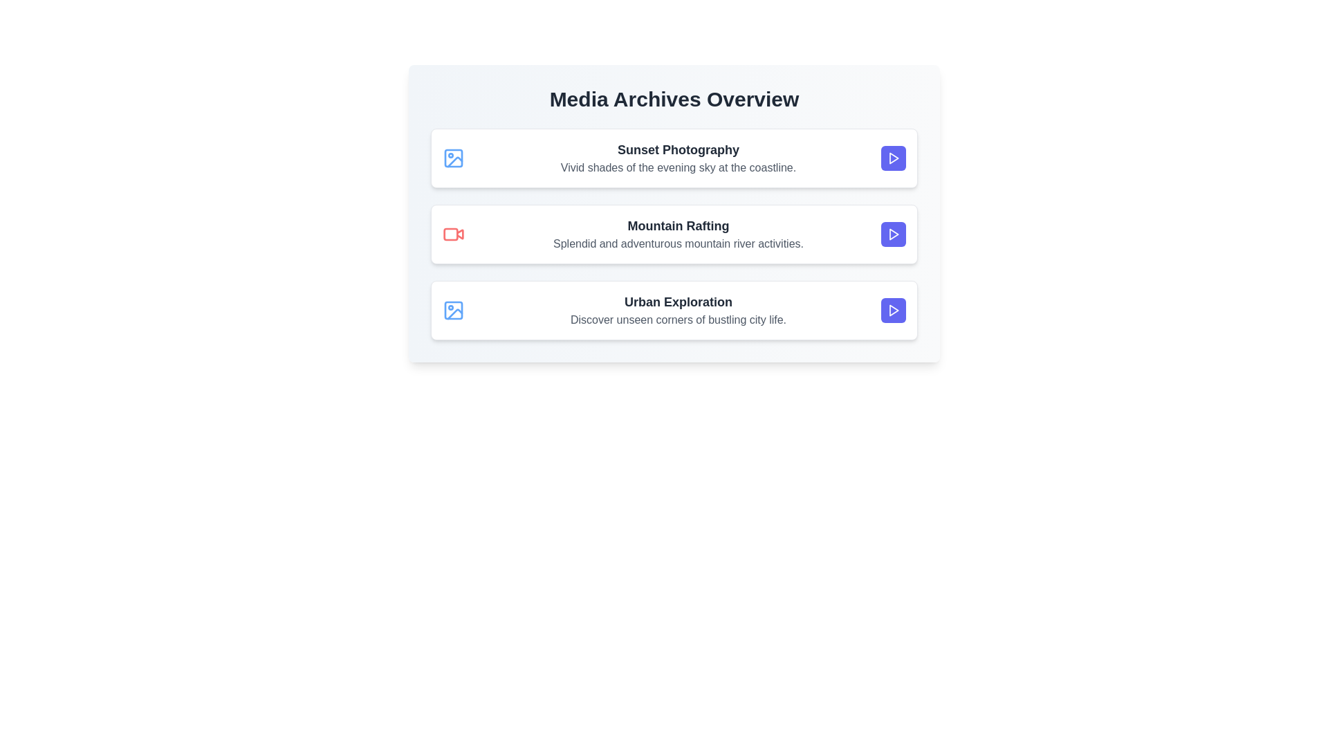 Image resolution: width=1328 pixels, height=747 pixels. I want to click on the play button for the media item titled 'Mountain Rafting', so click(893, 234).